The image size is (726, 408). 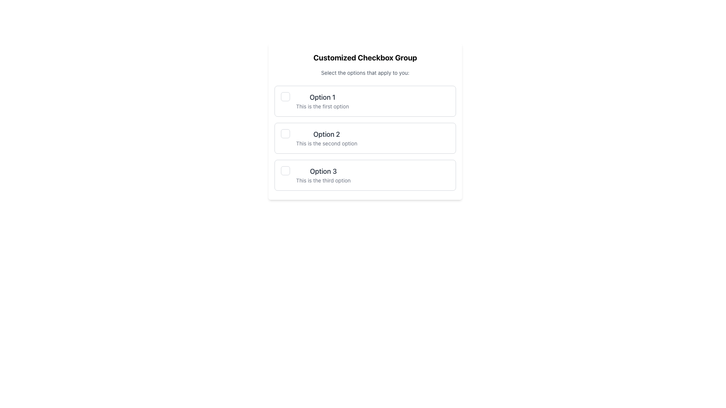 What do you see at coordinates (327, 134) in the screenshot?
I see `the static text label that reads 'Option 2', which is styled with a larger font size and bold formatting, located in the middle of a vertical list of options` at bounding box center [327, 134].